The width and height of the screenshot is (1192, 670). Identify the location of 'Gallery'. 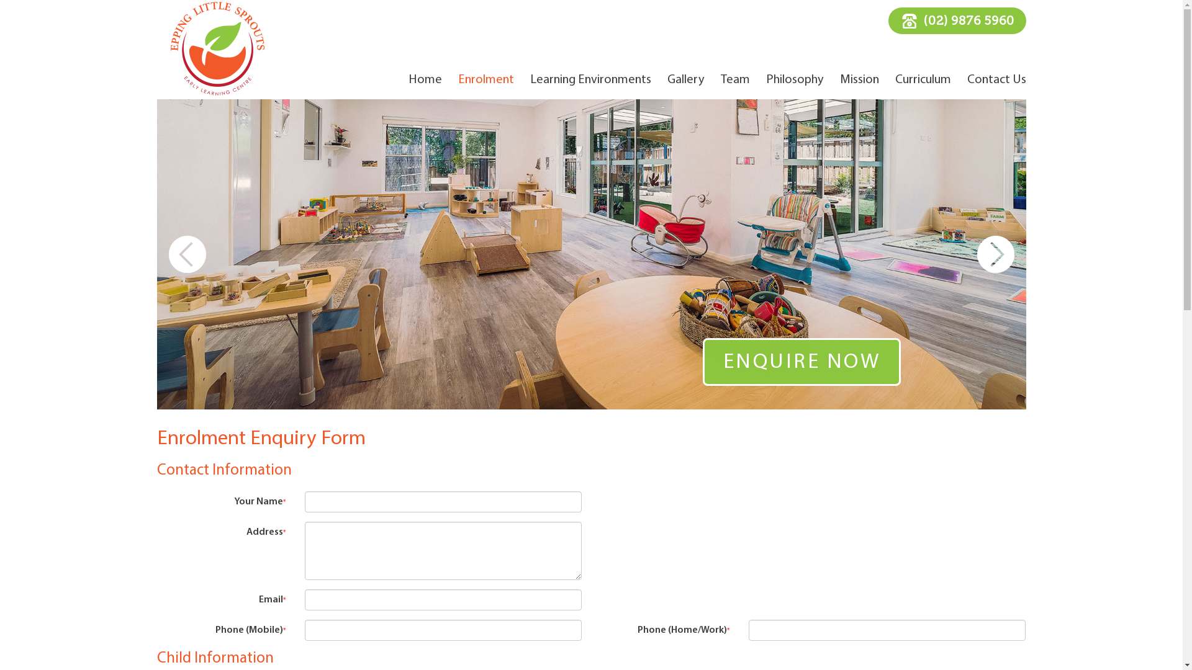
(666, 80).